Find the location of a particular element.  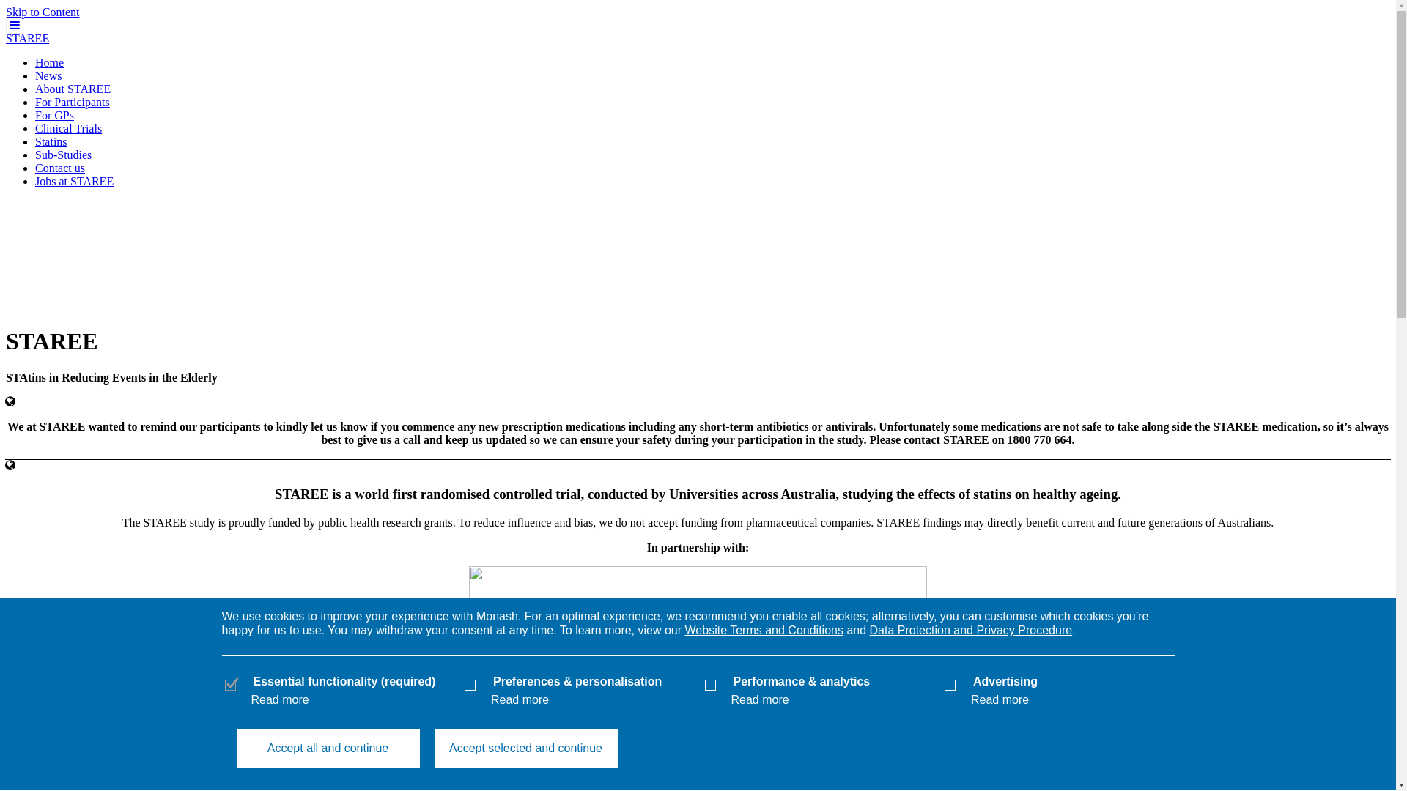

'News' is located at coordinates (35, 75).